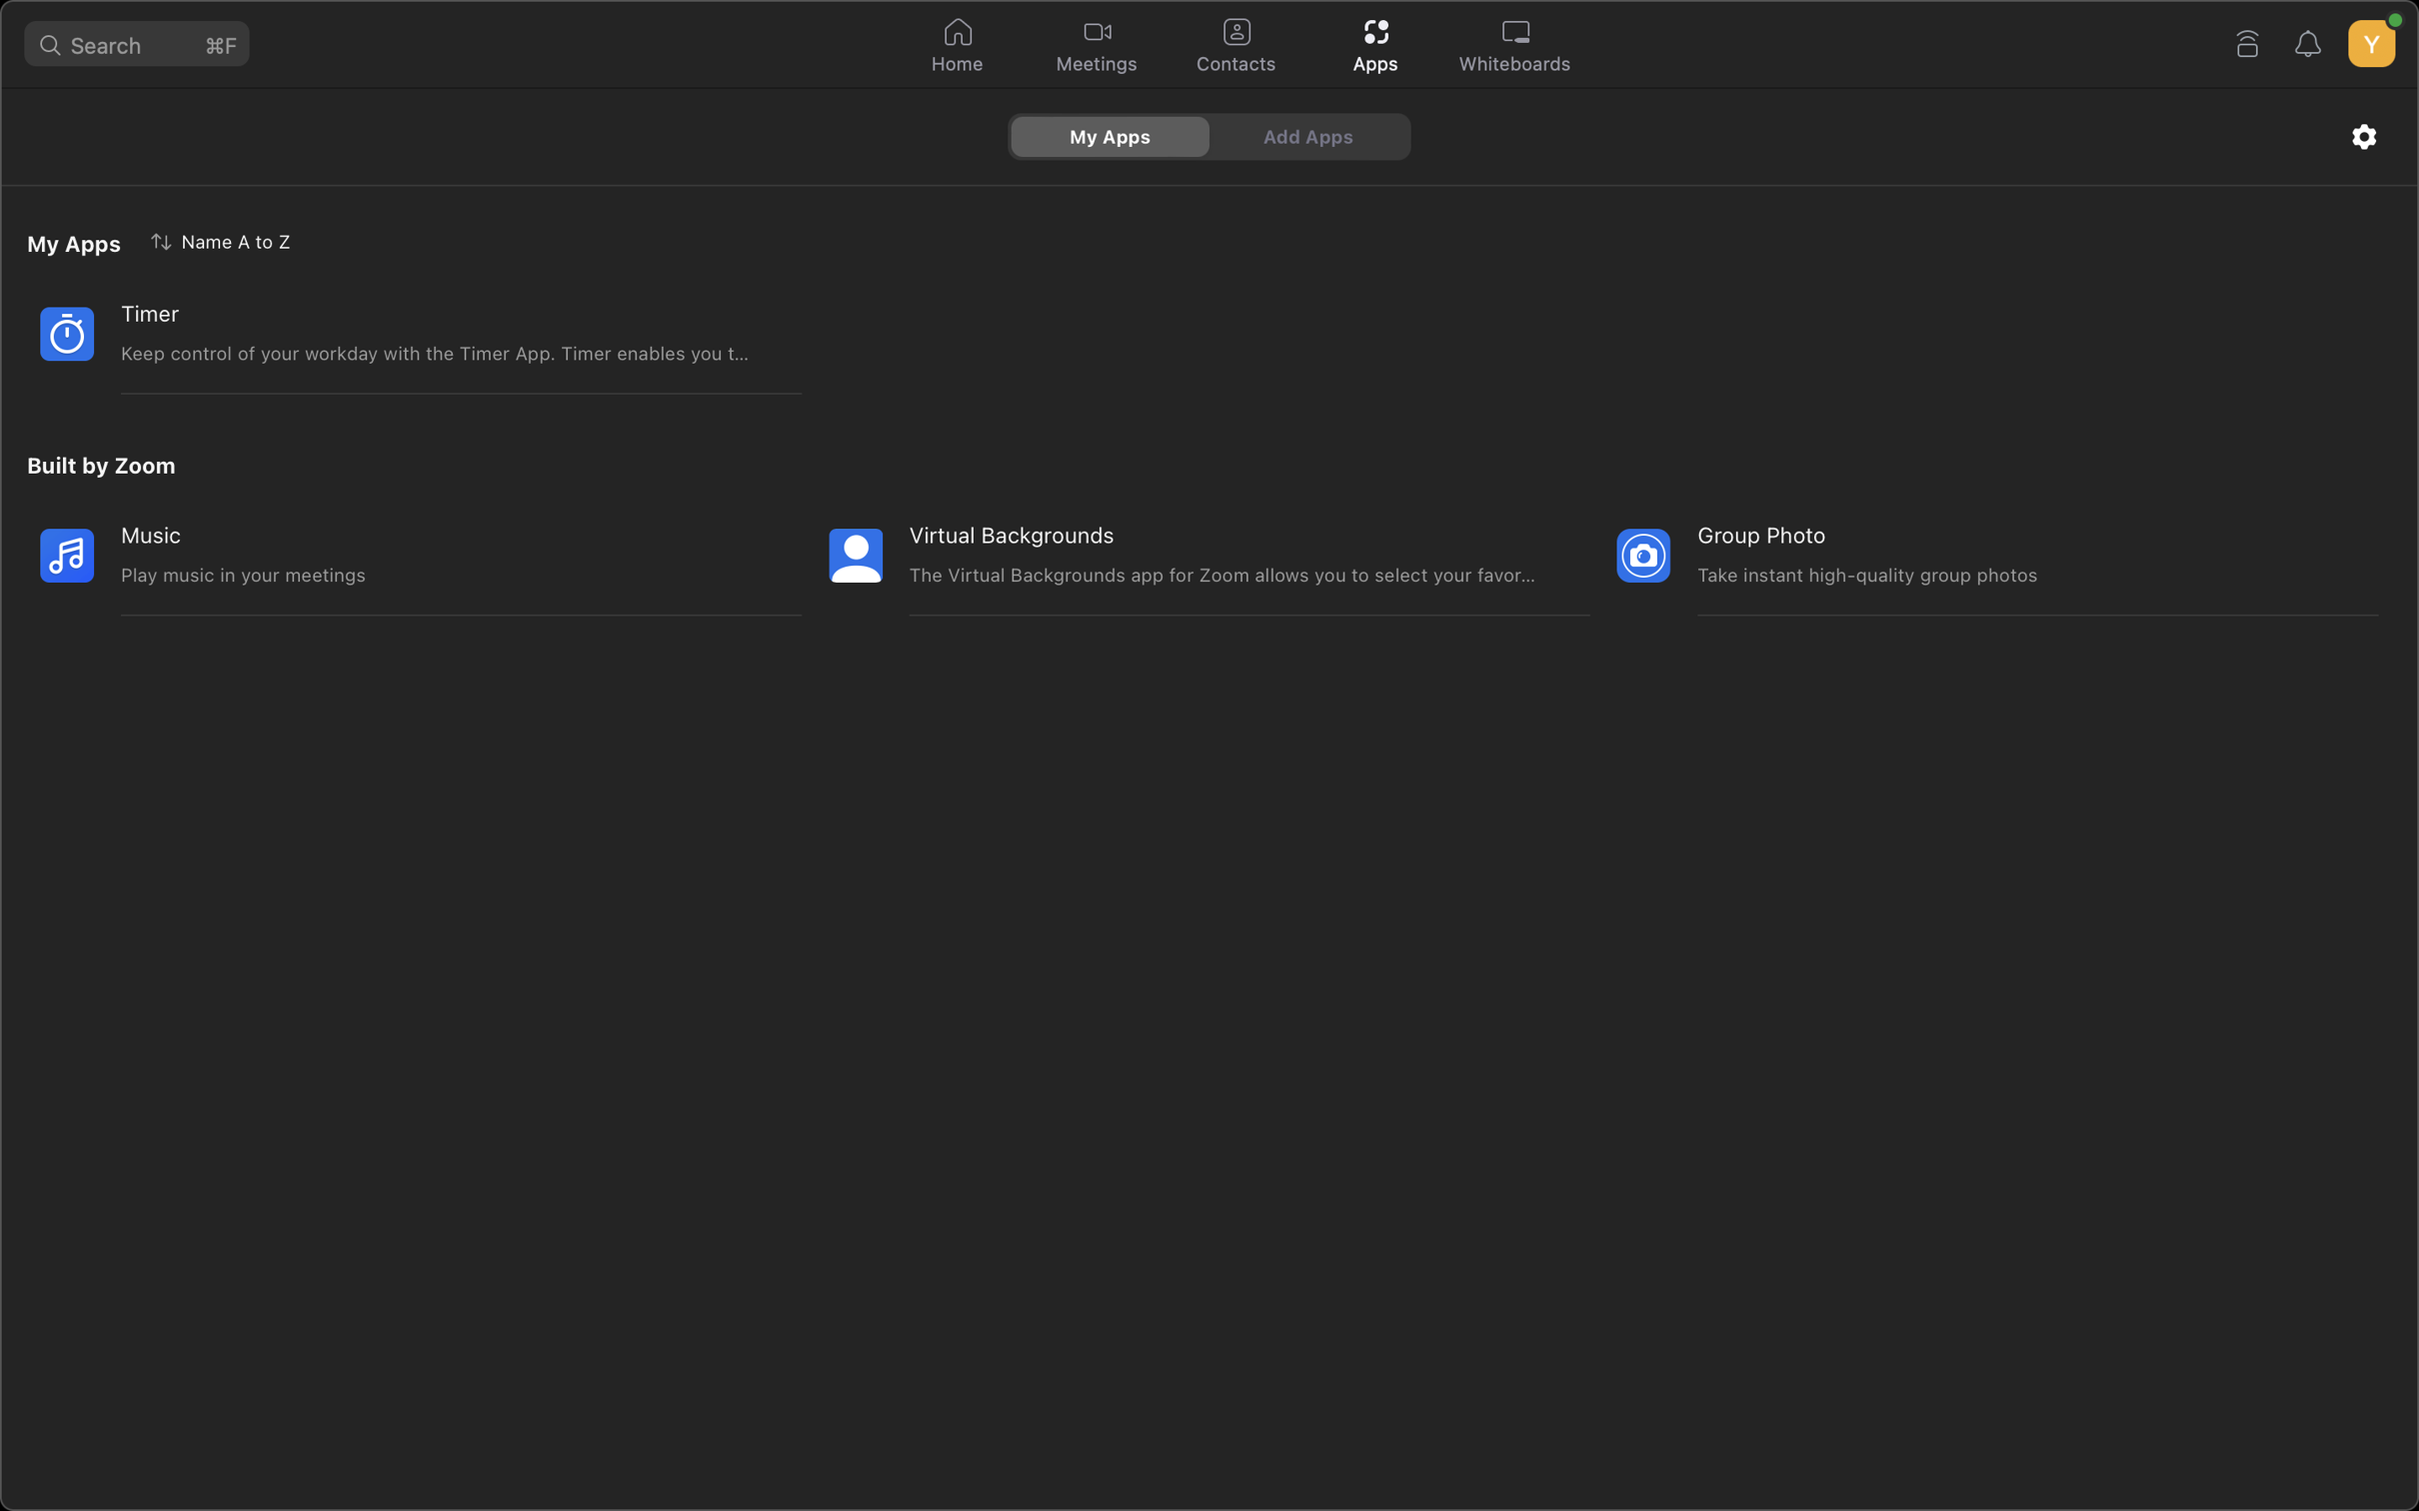 Image resolution: width=2419 pixels, height=1511 pixels. Describe the element at coordinates (1234, 46) in the screenshot. I see `In the contacts application, perform a search for "Indiana Jones"` at that location.